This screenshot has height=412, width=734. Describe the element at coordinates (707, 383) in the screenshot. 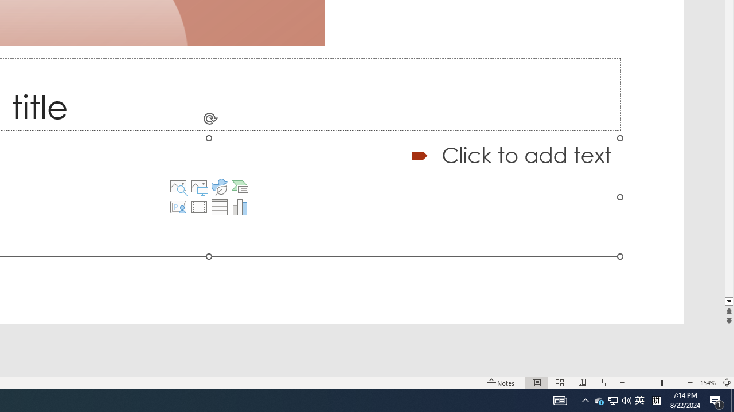

I see `'Zoom 154%'` at that location.